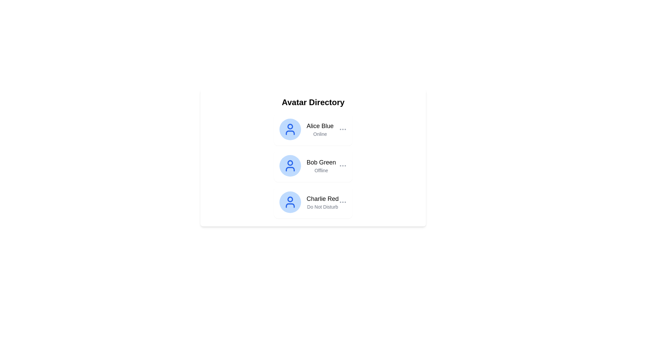  What do you see at coordinates (290, 202) in the screenshot?
I see `the user icon representing 'Charlie Red', which is a blue circular head and semi-circular body styled icon located in the third row of the avatar directory list` at bounding box center [290, 202].